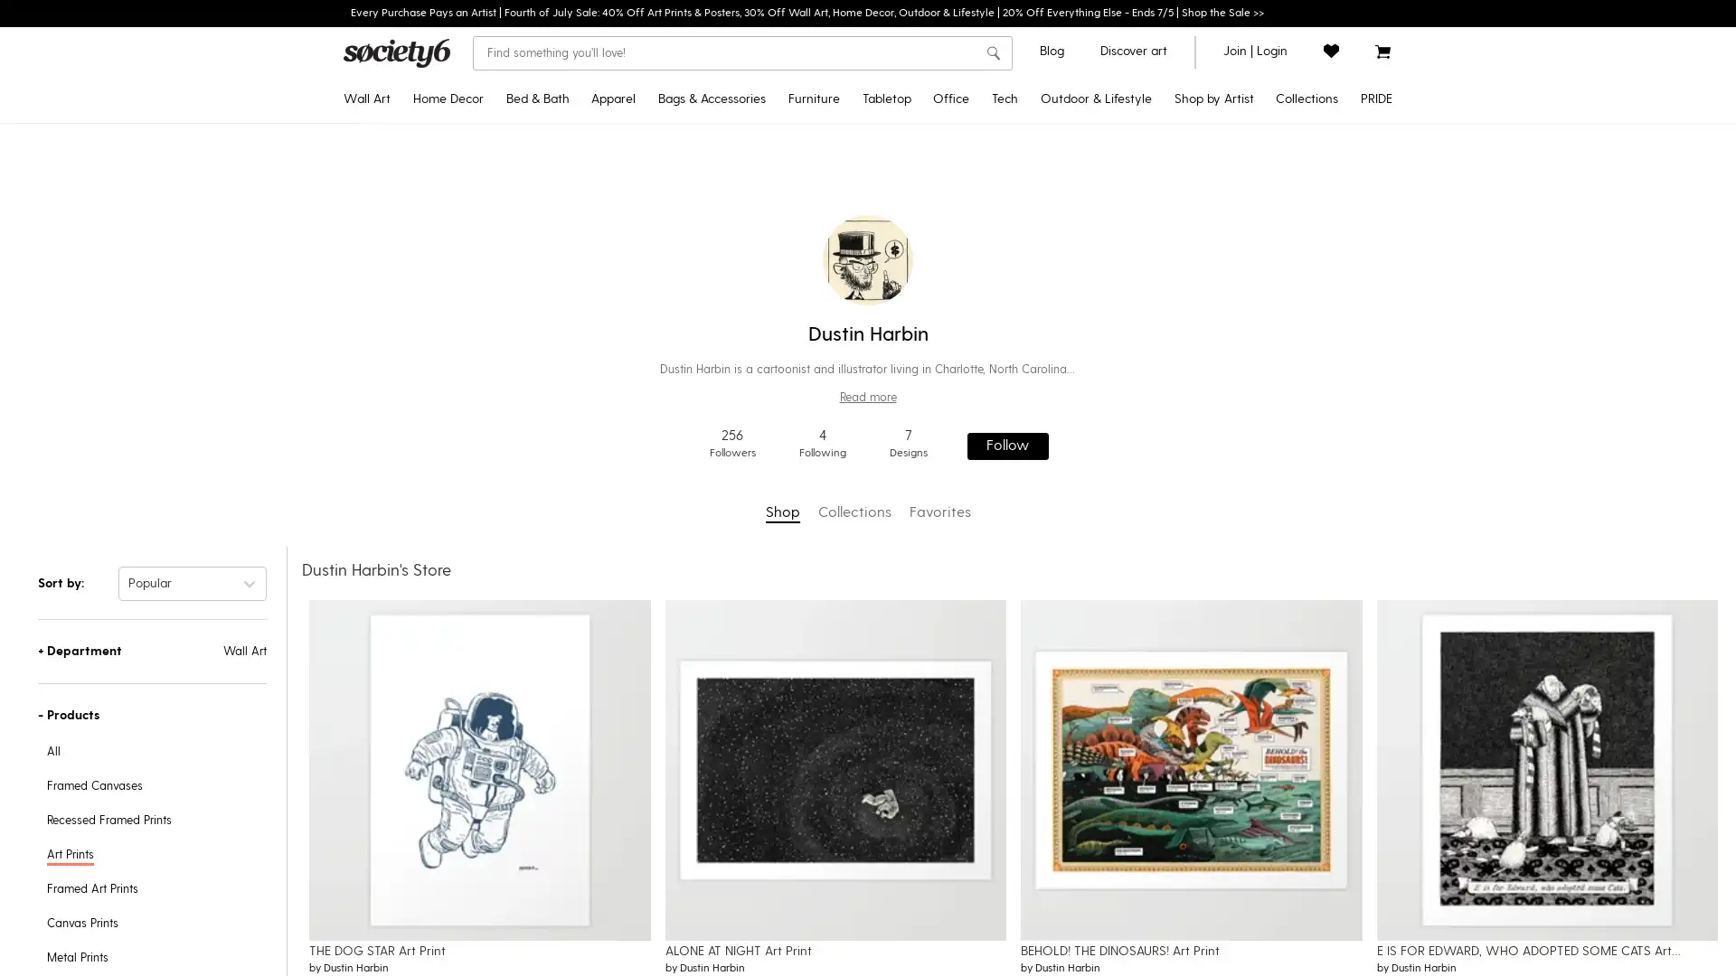 This screenshot has height=976, width=1736. I want to click on Sling Chairs, so click(1119, 465).